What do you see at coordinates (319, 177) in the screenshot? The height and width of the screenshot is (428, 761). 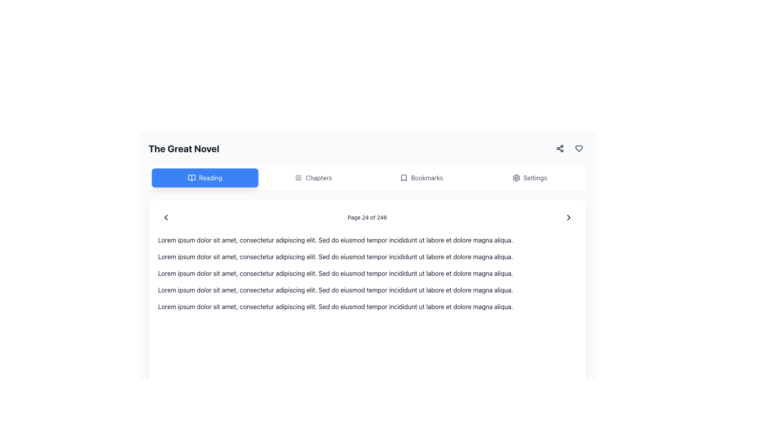 I see `the 'Chapters' label located in the horizontal navigation bar to trigger a visual highlight effect` at bounding box center [319, 177].